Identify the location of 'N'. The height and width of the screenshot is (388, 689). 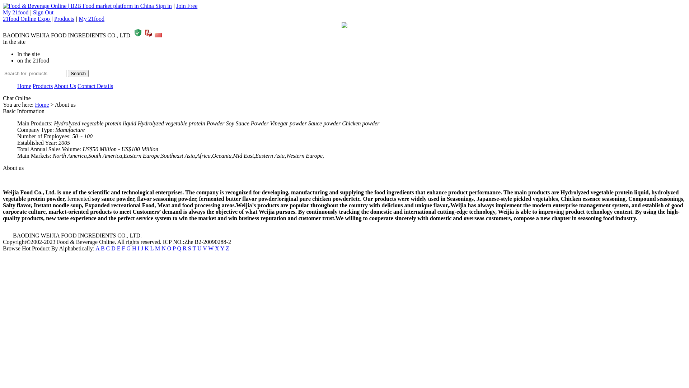
(163, 248).